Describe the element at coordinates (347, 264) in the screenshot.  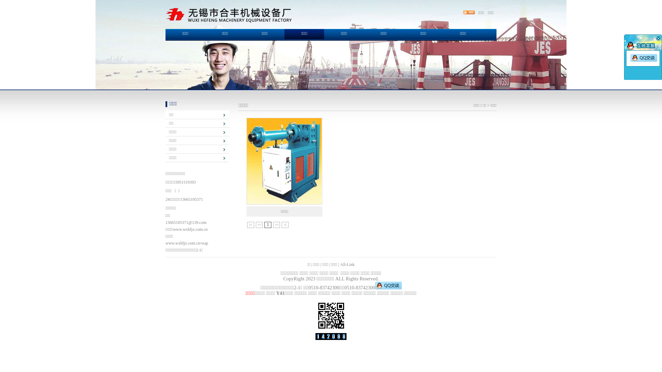
I see `'All-Link'` at that location.